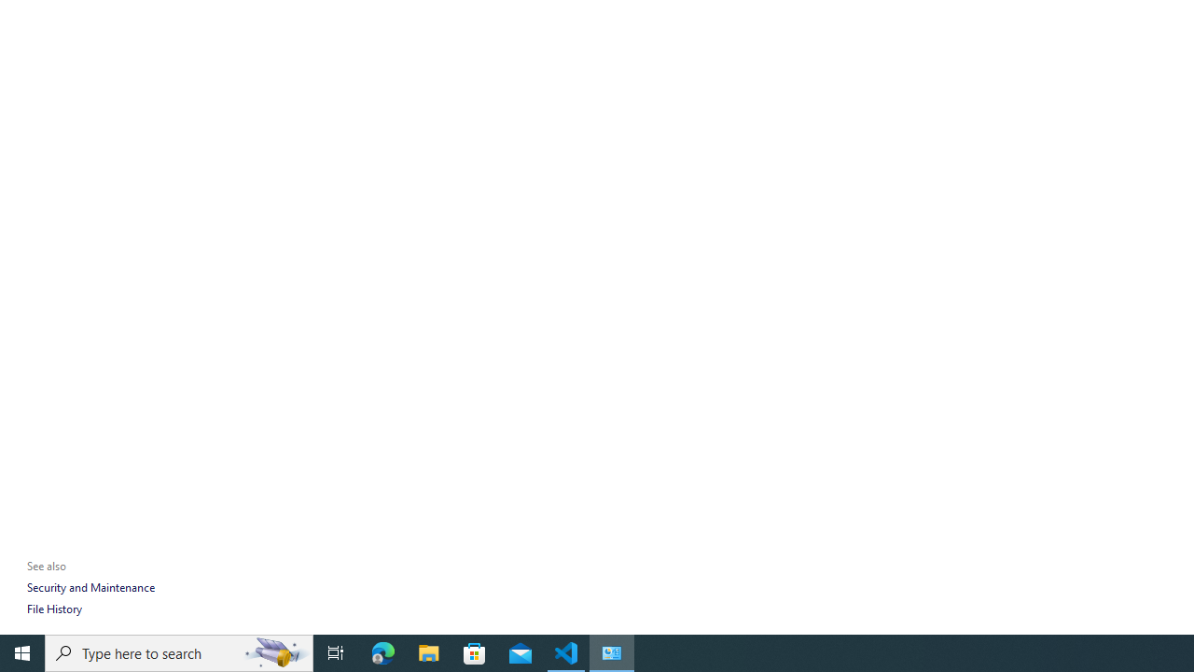 Image resolution: width=1194 pixels, height=672 pixels. Describe the element at coordinates (90, 586) in the screenshot. I see `'Security and Maintenance'` at that location.